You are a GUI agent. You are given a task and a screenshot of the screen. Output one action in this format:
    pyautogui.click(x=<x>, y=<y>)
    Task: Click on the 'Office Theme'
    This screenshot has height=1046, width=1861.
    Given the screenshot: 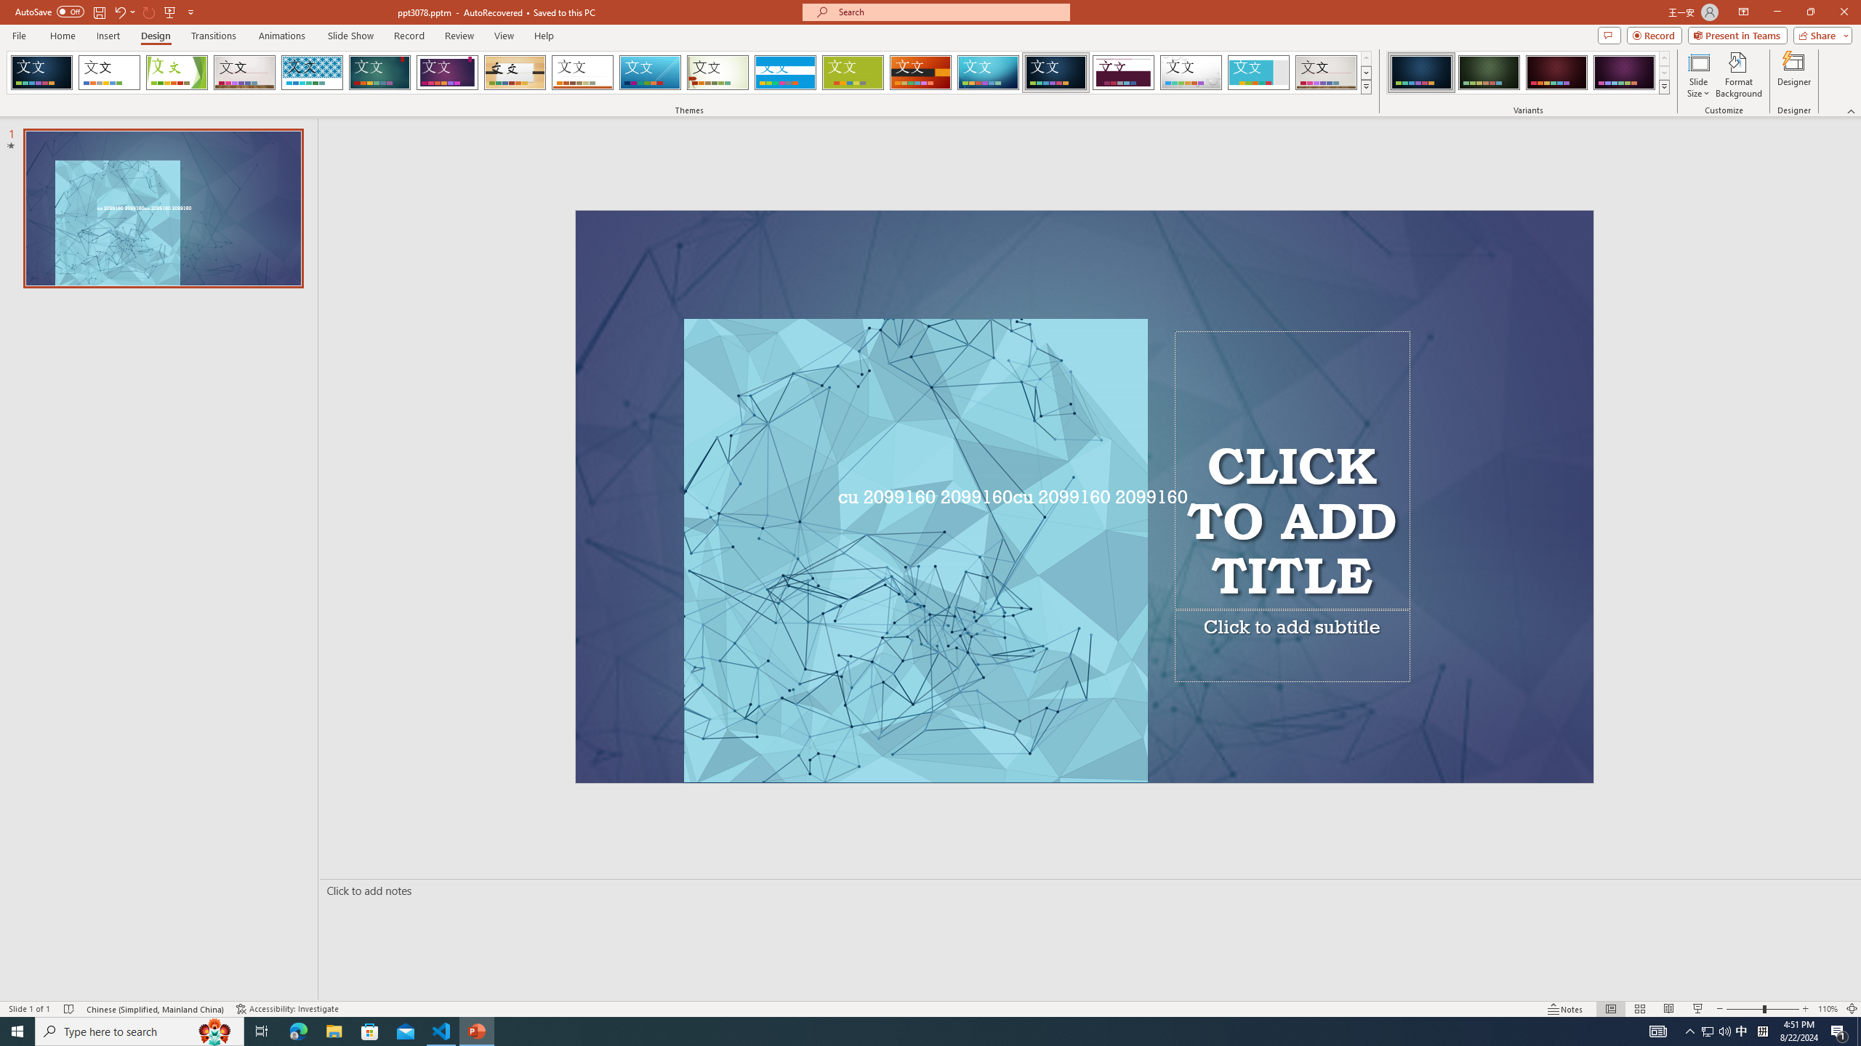 What is the action you would take?
    pyautogui.click(x=109, y=72)
    